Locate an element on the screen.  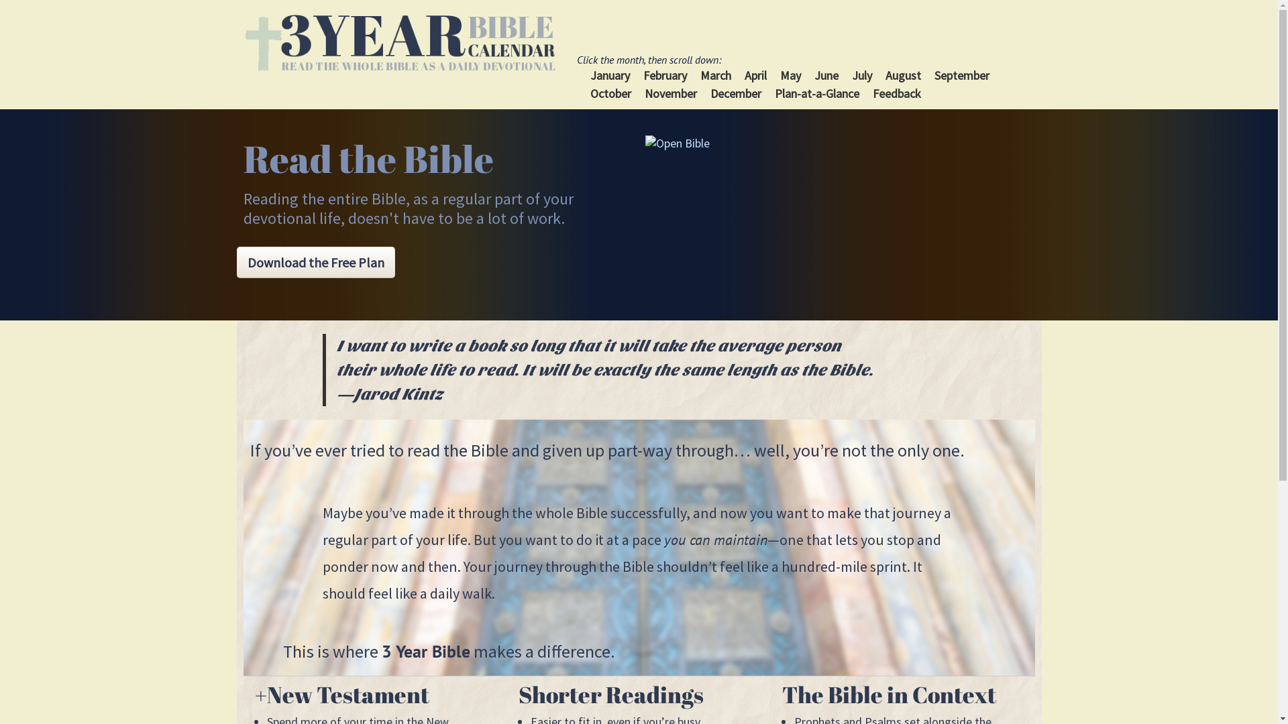
'Feedback' is located at coordinates (872, 93).